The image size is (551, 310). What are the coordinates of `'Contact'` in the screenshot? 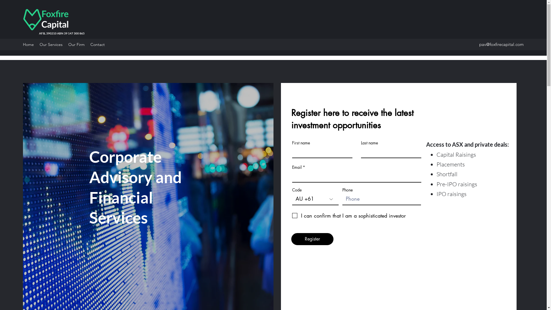 It's located at (98, 44).